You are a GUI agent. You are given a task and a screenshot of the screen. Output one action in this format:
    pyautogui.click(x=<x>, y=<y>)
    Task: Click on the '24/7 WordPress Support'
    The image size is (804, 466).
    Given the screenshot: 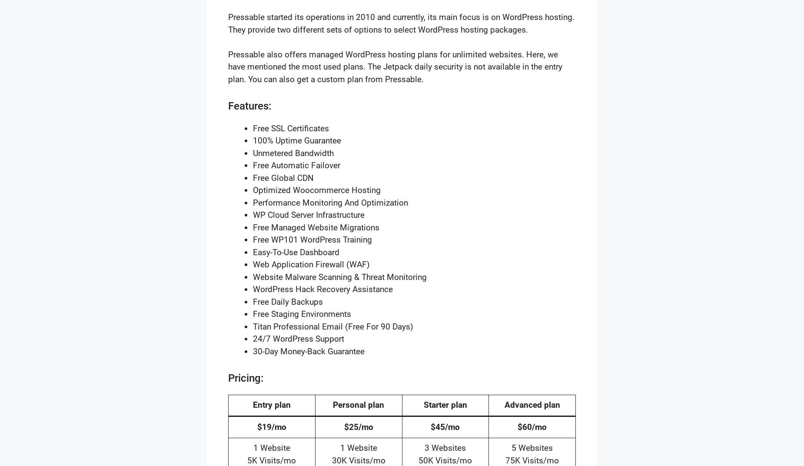 What is the action you would take?
    pyautogui.click(x=299, y=339)
    